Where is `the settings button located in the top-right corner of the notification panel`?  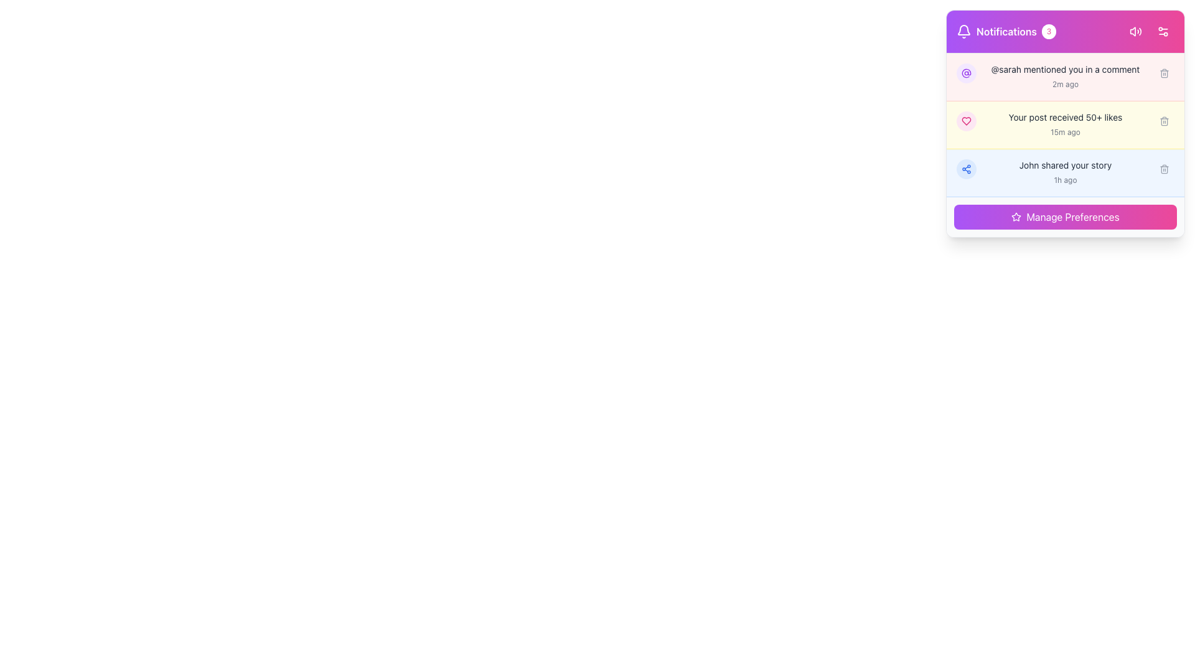
the settings button located in the top-right corner of the notification panel is located at coordinates (1149, 30).